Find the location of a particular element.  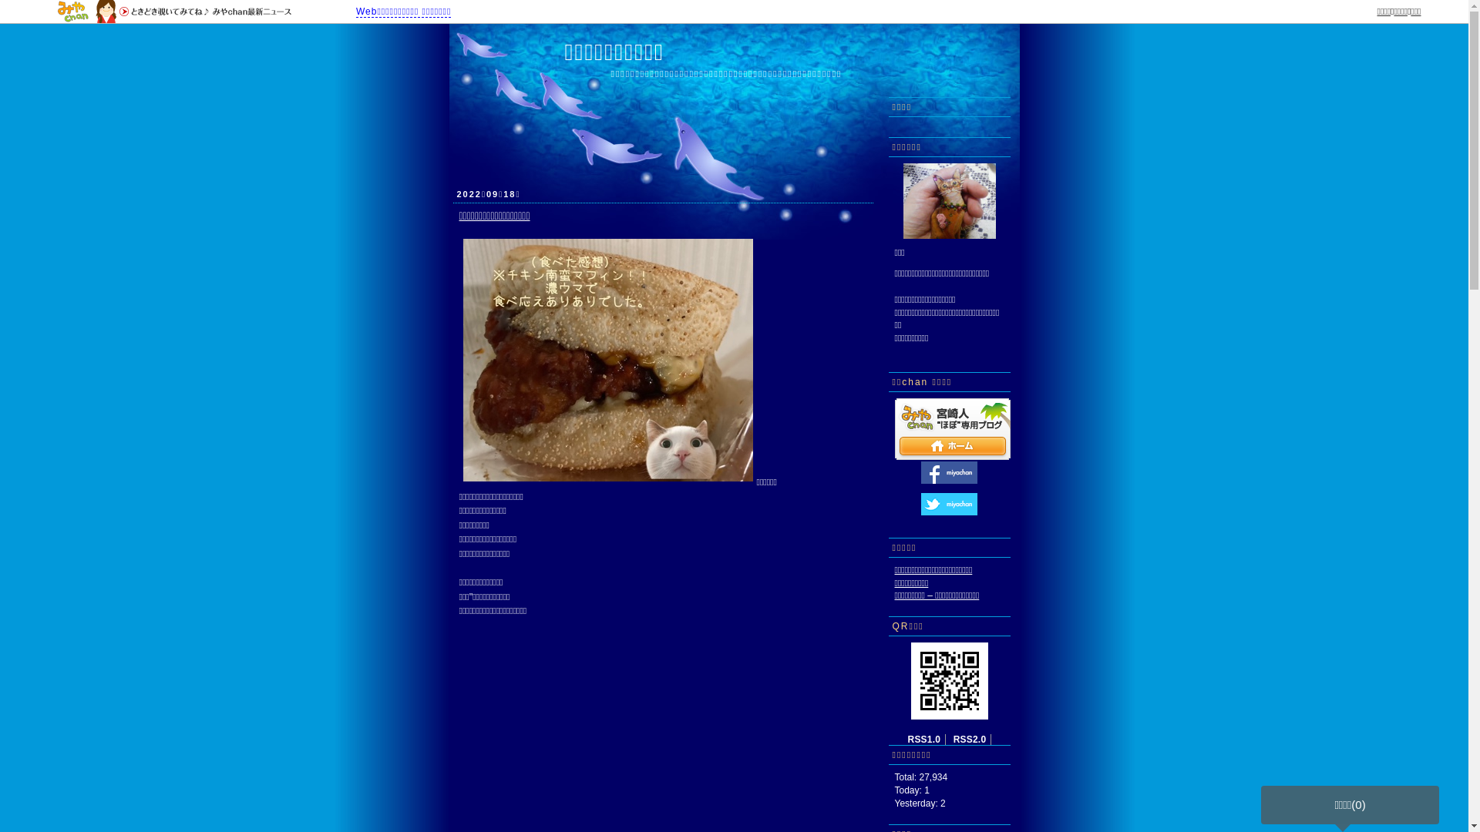

'RSS1.0' is located at coordinates (924, 739).